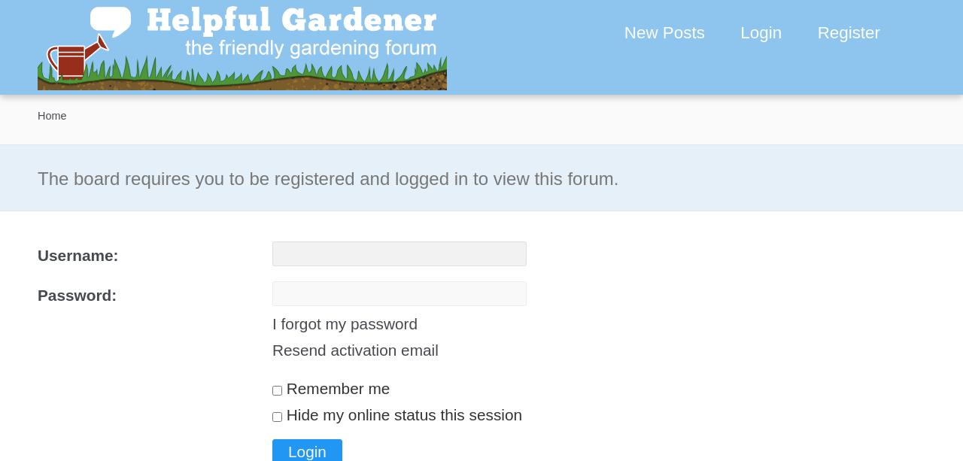  Describe the element at coordinates (761, 32) in the screenshot. I see `'Login'` at that location.